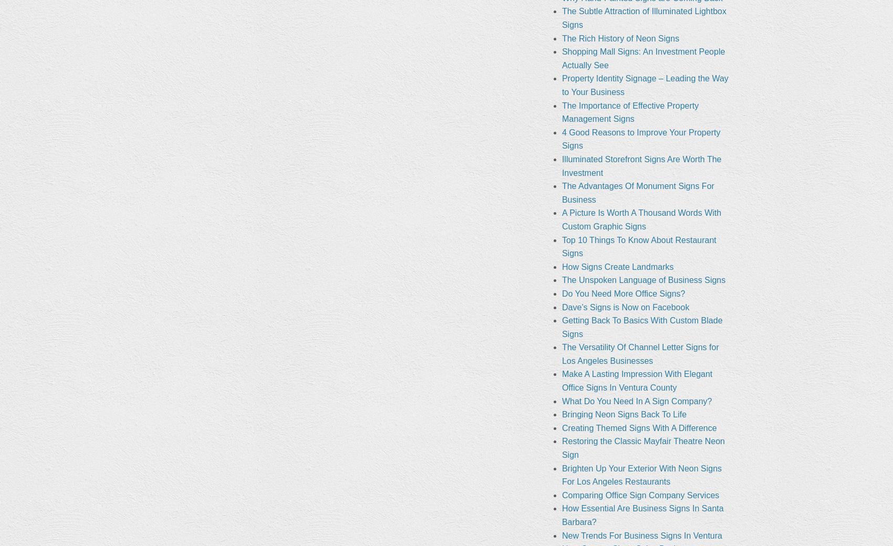 Image resolution: width=893 pixels, height=546 pixels. What do you see at coordinates (617, 266) in the screenshot?
I see `'How Signs Create Landmarks'` at bounding box center [617, 266].